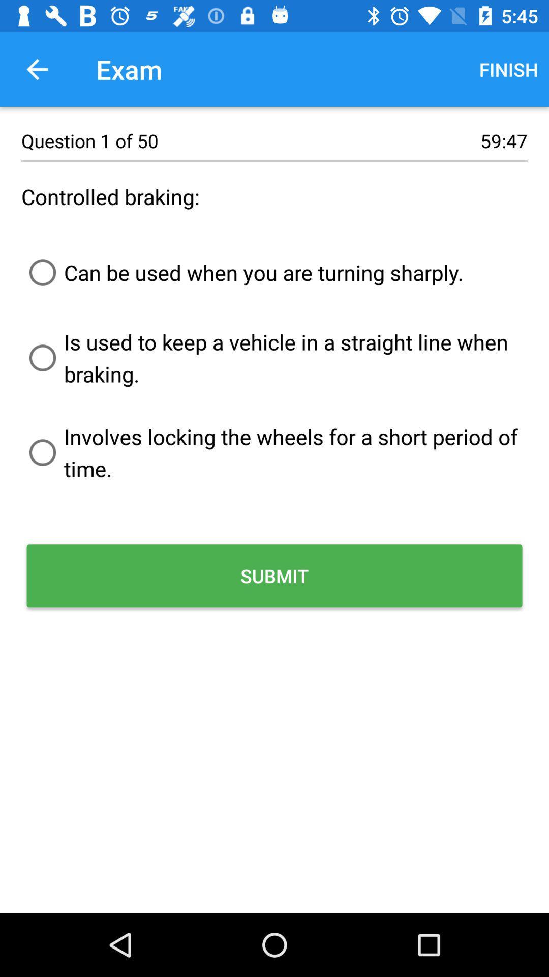 This screenshot has width=549, height=977. What do you see at coordinates (508, 69) in the screenshot?
I see `icon above the 59:46 item` at bounding box center [508, 69].